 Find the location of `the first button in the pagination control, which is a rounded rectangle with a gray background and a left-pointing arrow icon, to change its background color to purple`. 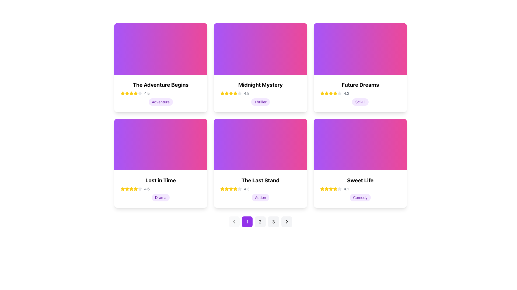

the first button in the pagination control, which is a rounded rectangle with a gray background and a left-pointing arrow icon, to change its background color to purple is located at coordinates (234, 222).